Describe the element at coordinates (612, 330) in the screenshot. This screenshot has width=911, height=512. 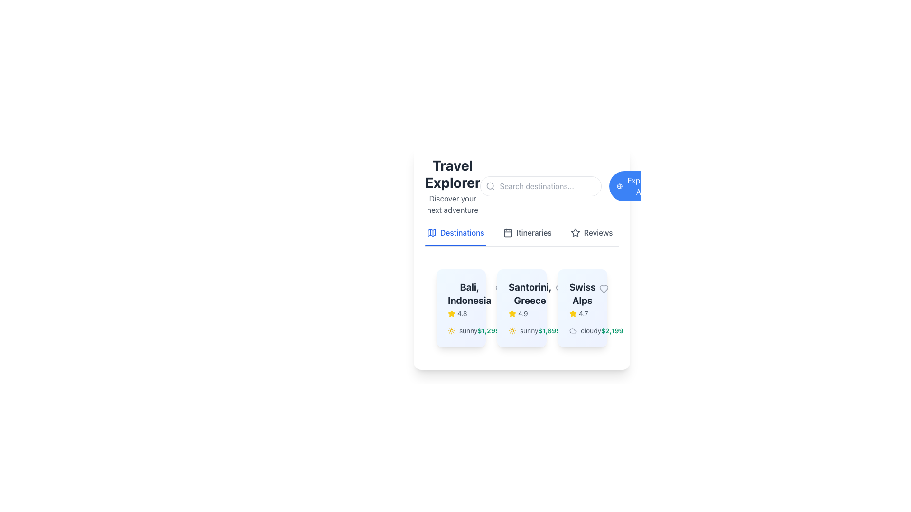
I see `the price text element displaying '$2,199' in bold green, located at the bottom-right corner of the 'Swiss Alps' travel destination card` at that location.